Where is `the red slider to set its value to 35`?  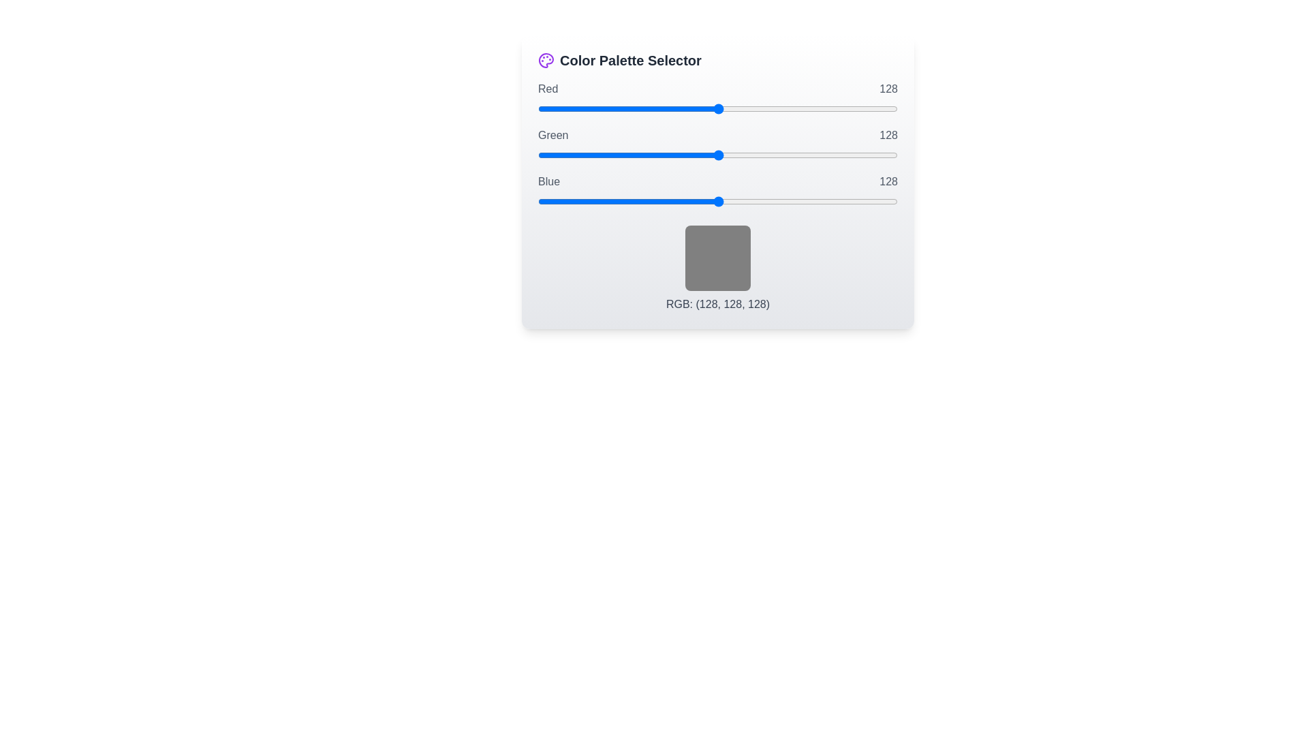
the red slider to set its value to 35 is located at coordinates (587, 108).